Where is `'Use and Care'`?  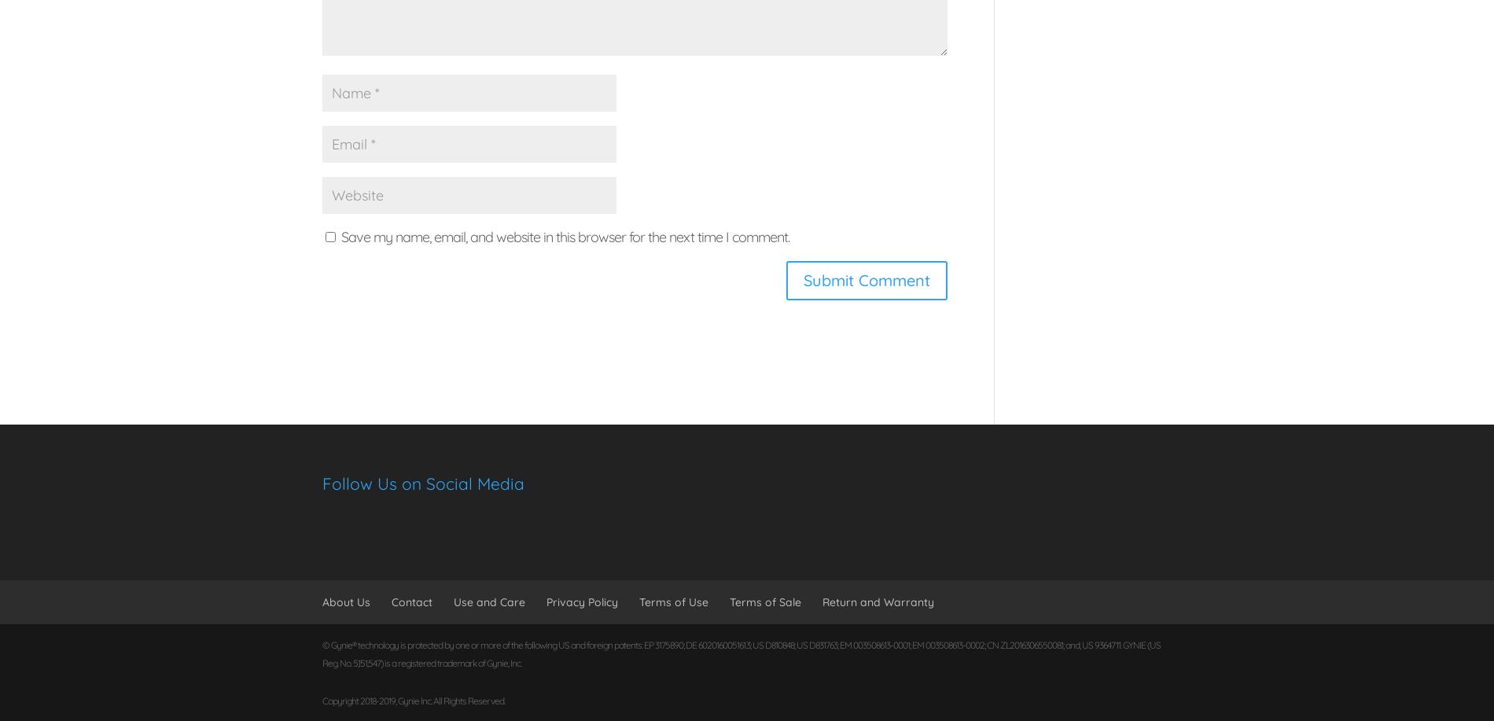
'Use and Care' is located at coordinates (489, 600).